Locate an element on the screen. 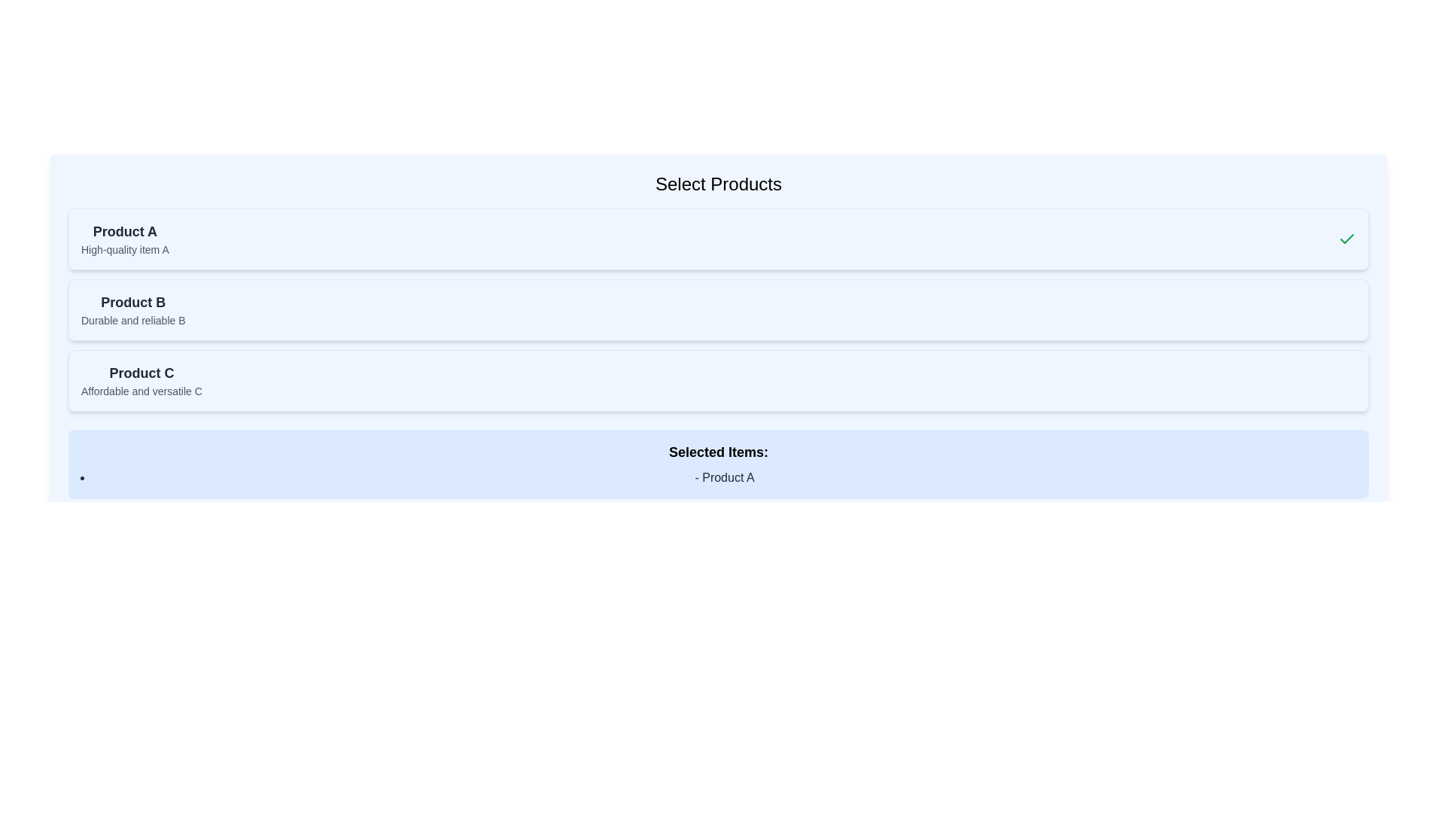 The height and width of the screenshot is (813, 1445). the descriptive text label for 'Product C' located in the lower half of the interface, specifically within the third product card is located at coordinates (141, 391).